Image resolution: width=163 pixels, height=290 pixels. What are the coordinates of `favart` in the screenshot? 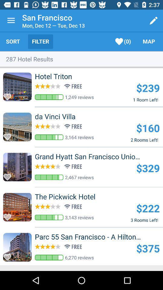 It's located at (9, 255).